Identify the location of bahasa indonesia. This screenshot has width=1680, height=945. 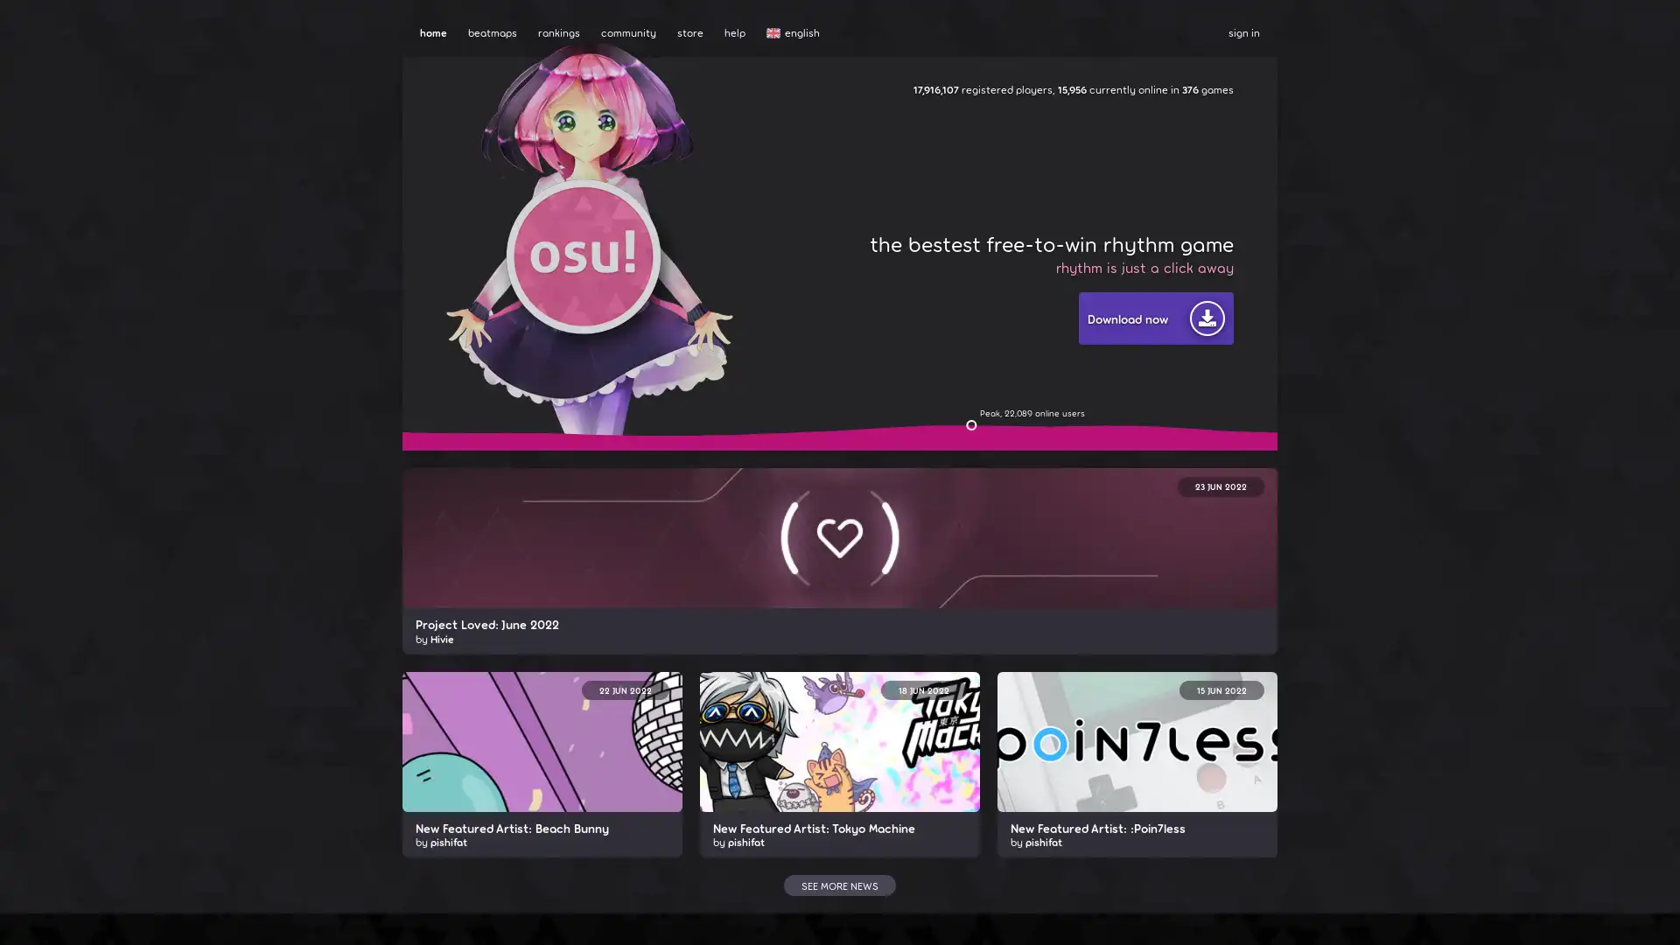
(818, 325).